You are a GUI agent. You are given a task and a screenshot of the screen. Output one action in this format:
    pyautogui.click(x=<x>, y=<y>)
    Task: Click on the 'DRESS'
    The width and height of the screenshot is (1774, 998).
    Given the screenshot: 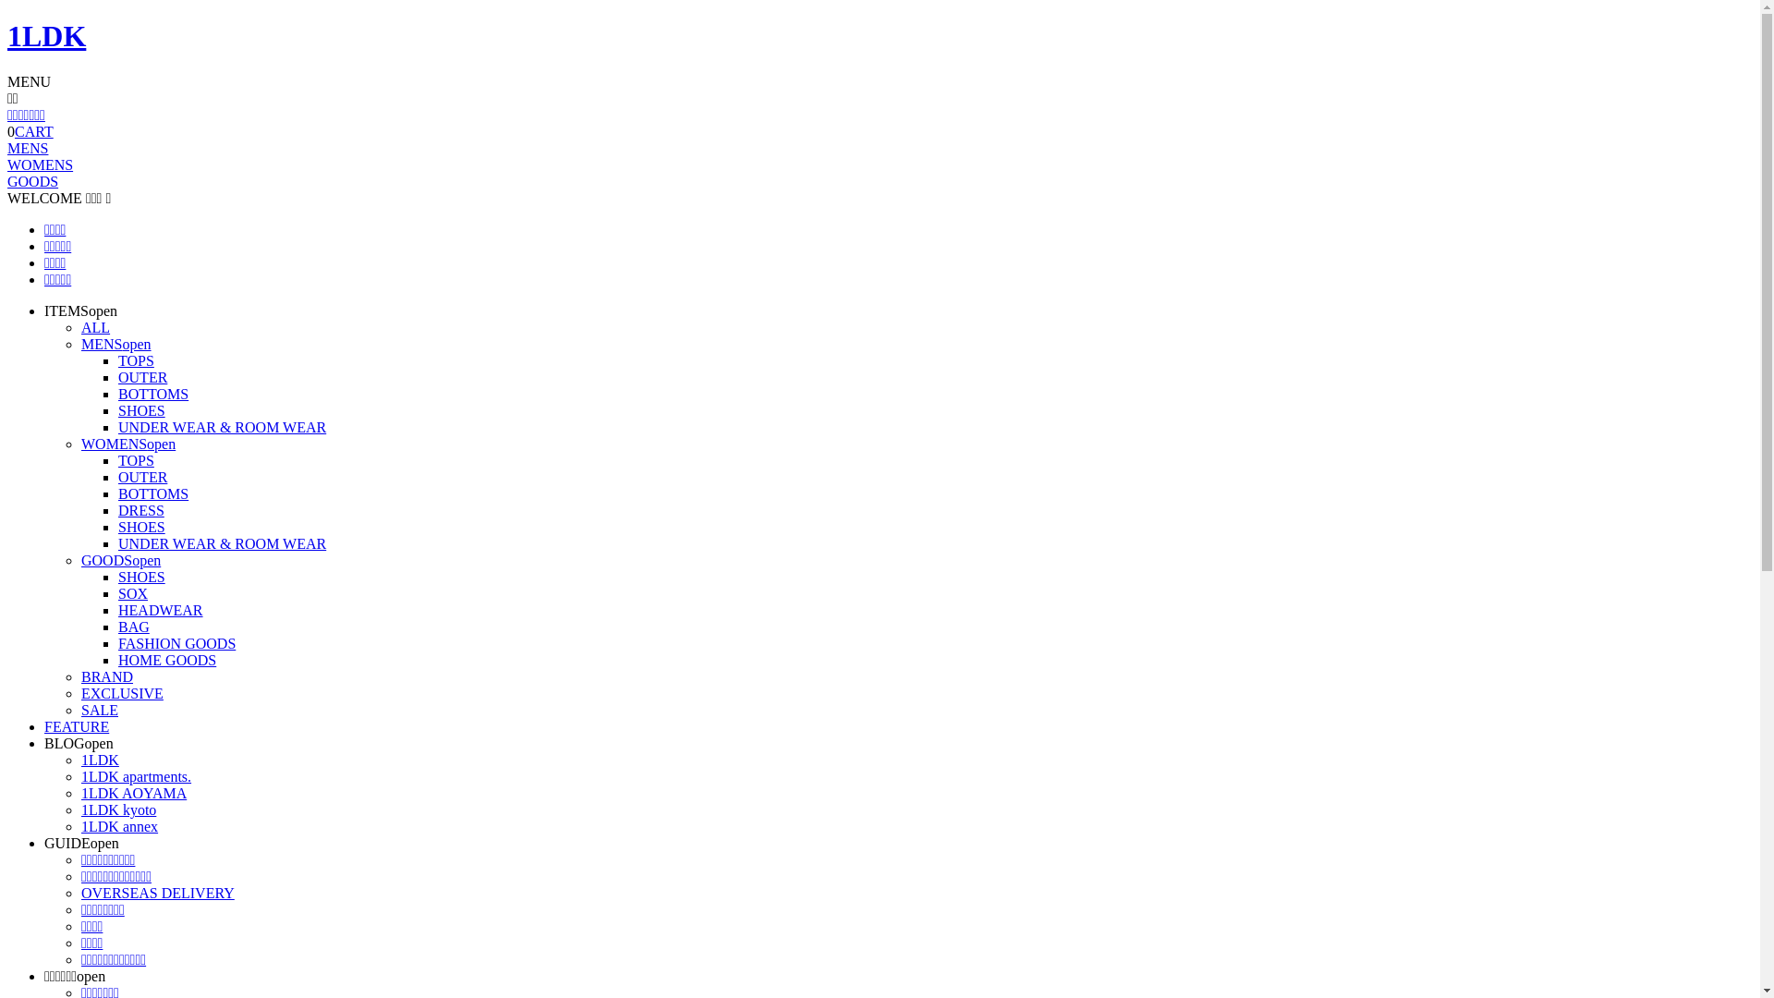 What is the action you would take?
    pyautogui.click(x=140, y=510)
    